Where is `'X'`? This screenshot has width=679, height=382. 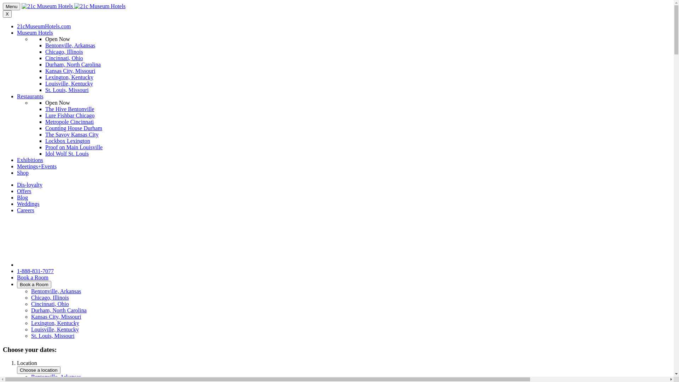 'X' is located at coordinates (3, 14).